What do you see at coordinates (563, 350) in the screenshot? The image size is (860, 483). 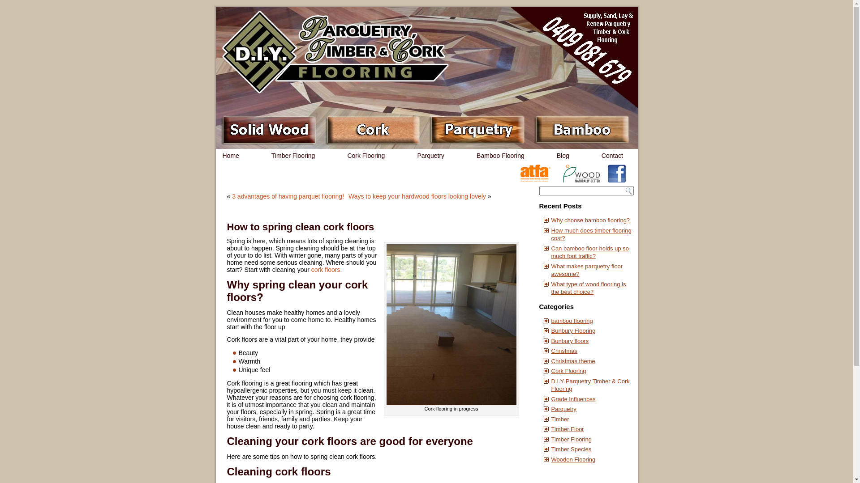 I see `'Christmas'` at bounding box center [563, 350].